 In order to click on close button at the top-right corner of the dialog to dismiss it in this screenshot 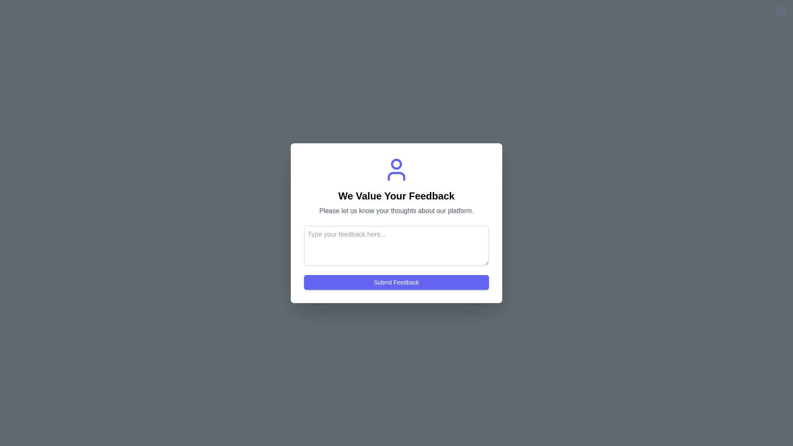, I will do `click(781, 11)`.